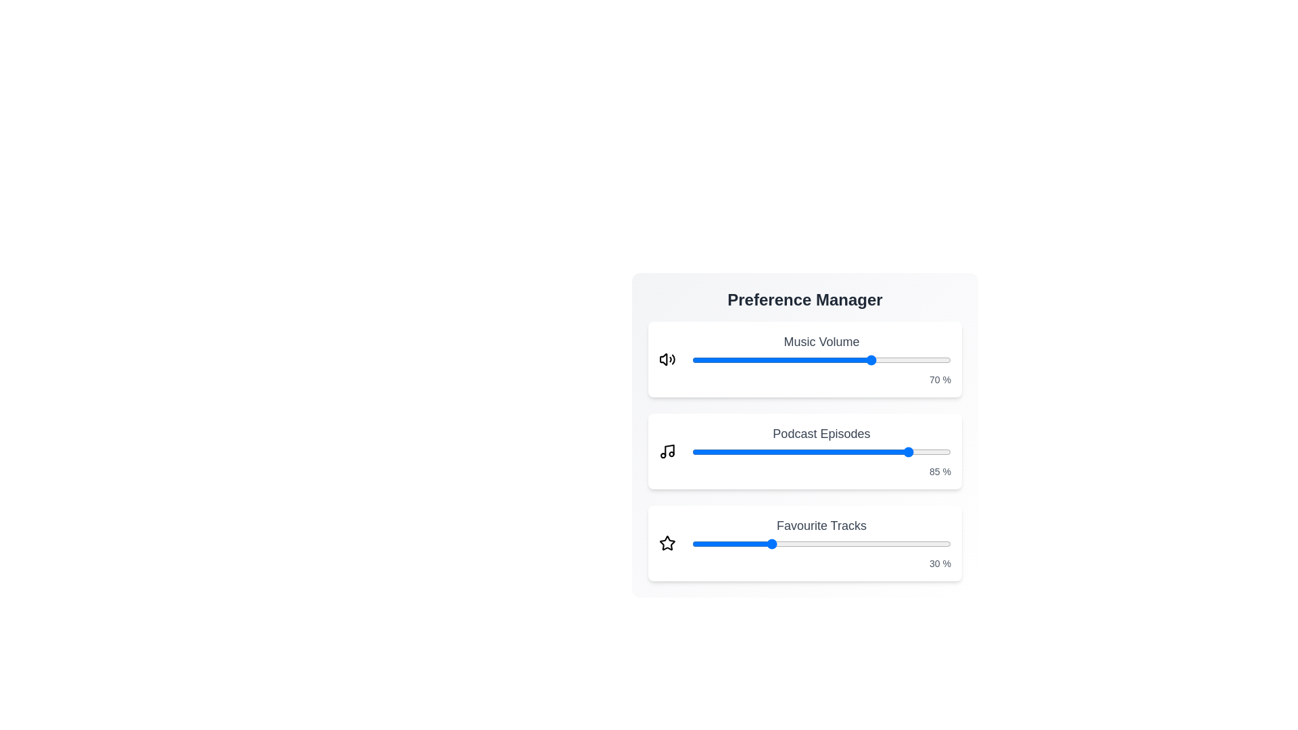 This screenshot has height=730, width=1298. What do you see at coordinates (697, 359) in the screenshot?
I see `the slider for Music Volume to 2%` at bounding box center [697, 359].